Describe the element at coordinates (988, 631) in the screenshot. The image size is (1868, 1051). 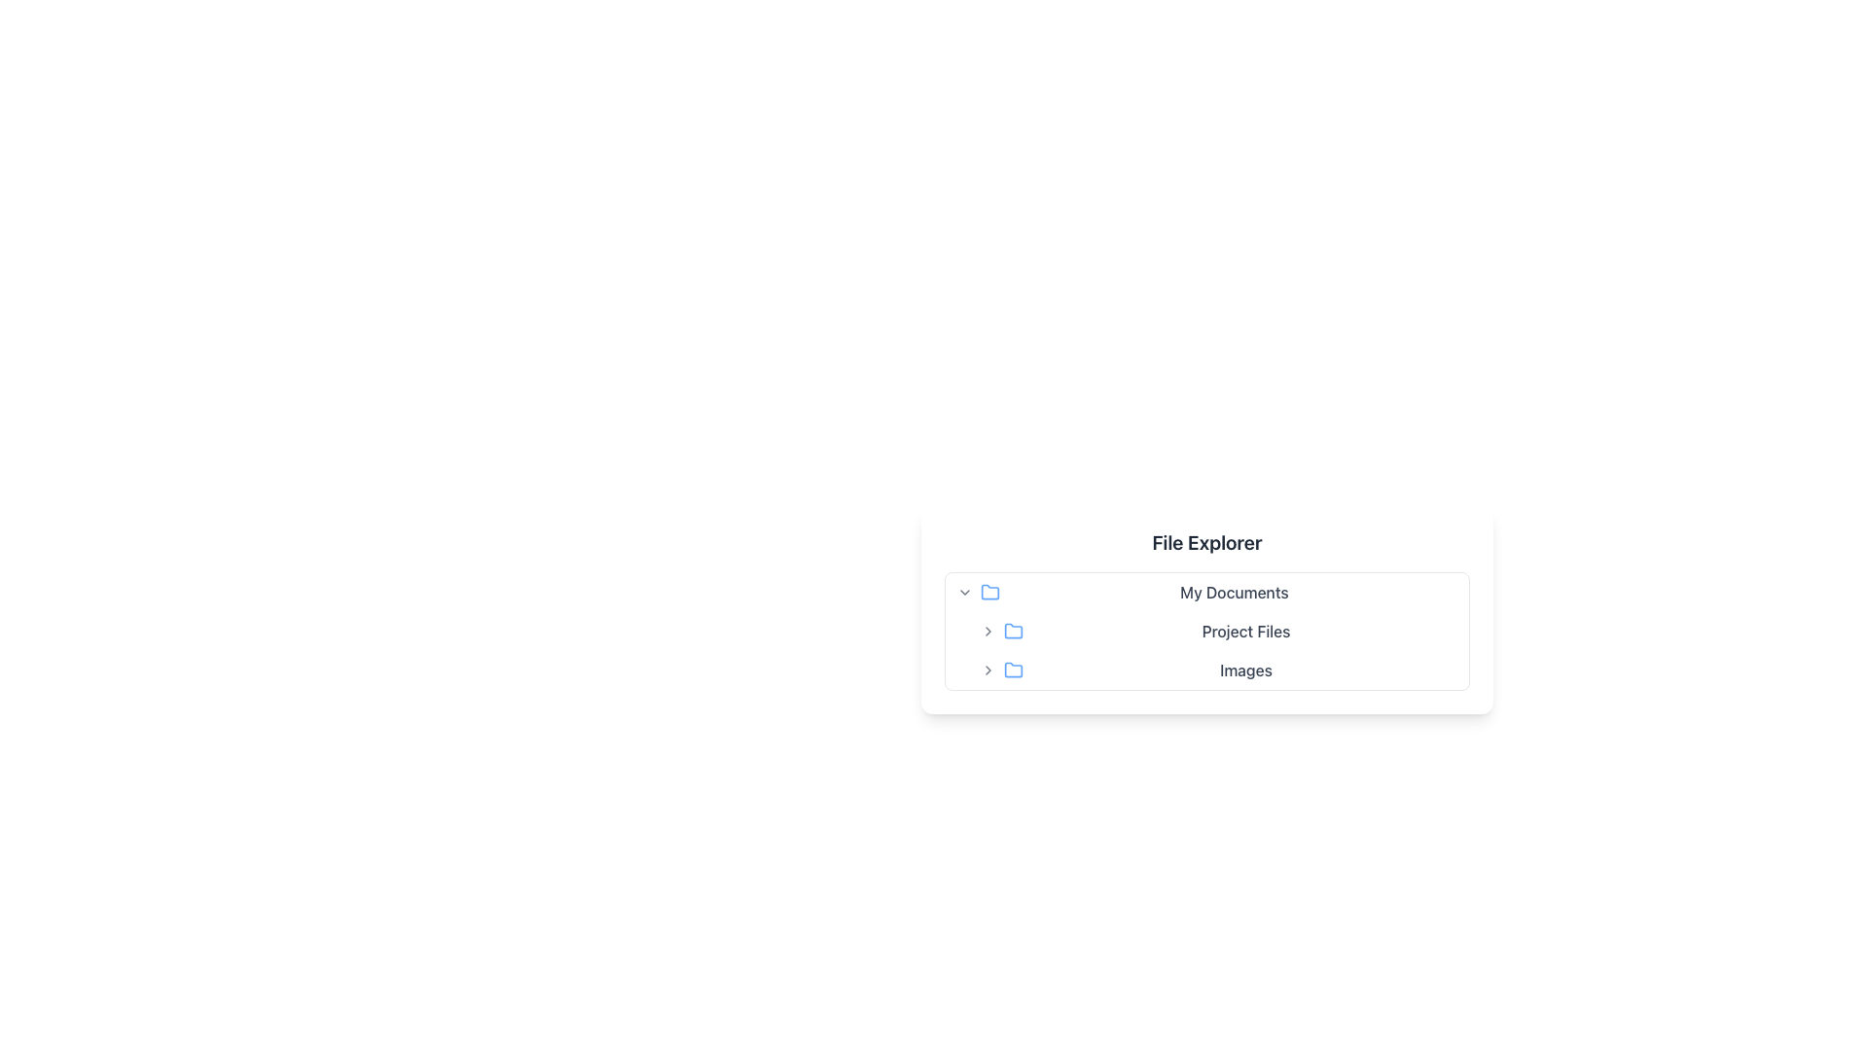
I see `the chevron icon next to the 'Project Files' folder` at that location.